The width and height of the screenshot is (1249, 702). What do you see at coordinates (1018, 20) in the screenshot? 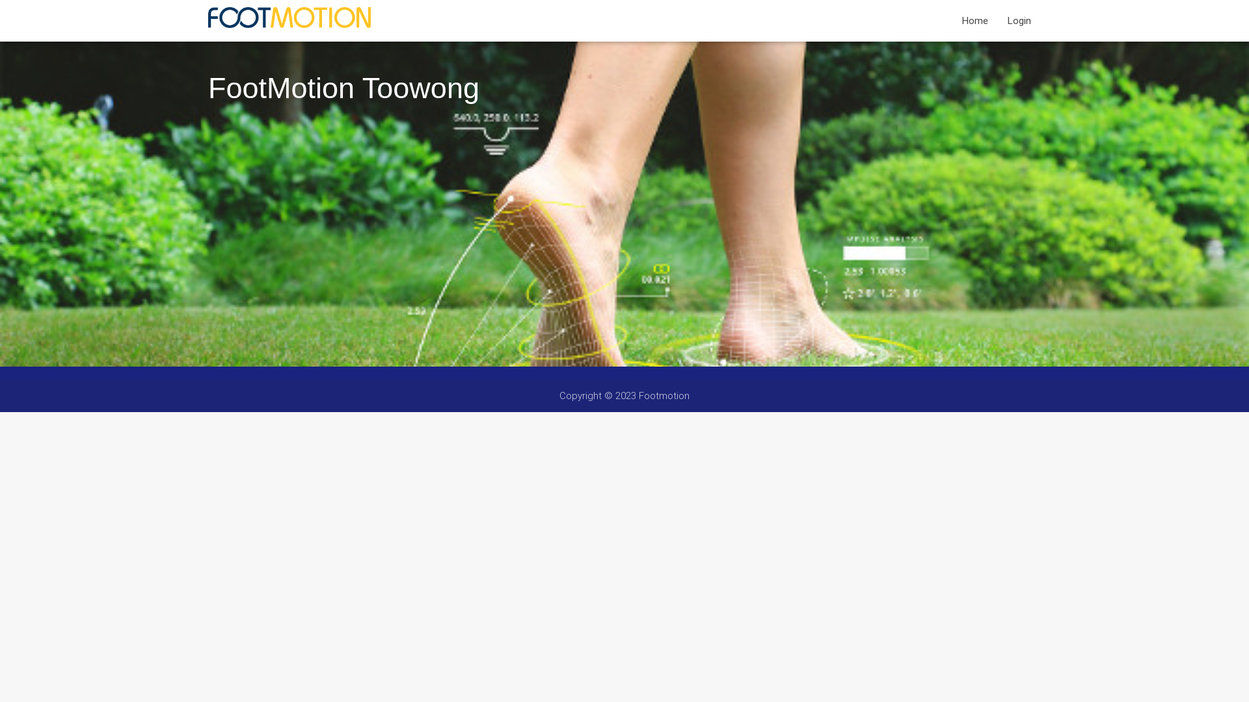
I see `'Login'` at bounding box center [1018, 20].